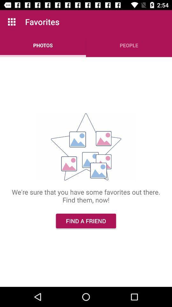 This screenshot has width=172, height=307. I want to click on people item, so click(129, 45).